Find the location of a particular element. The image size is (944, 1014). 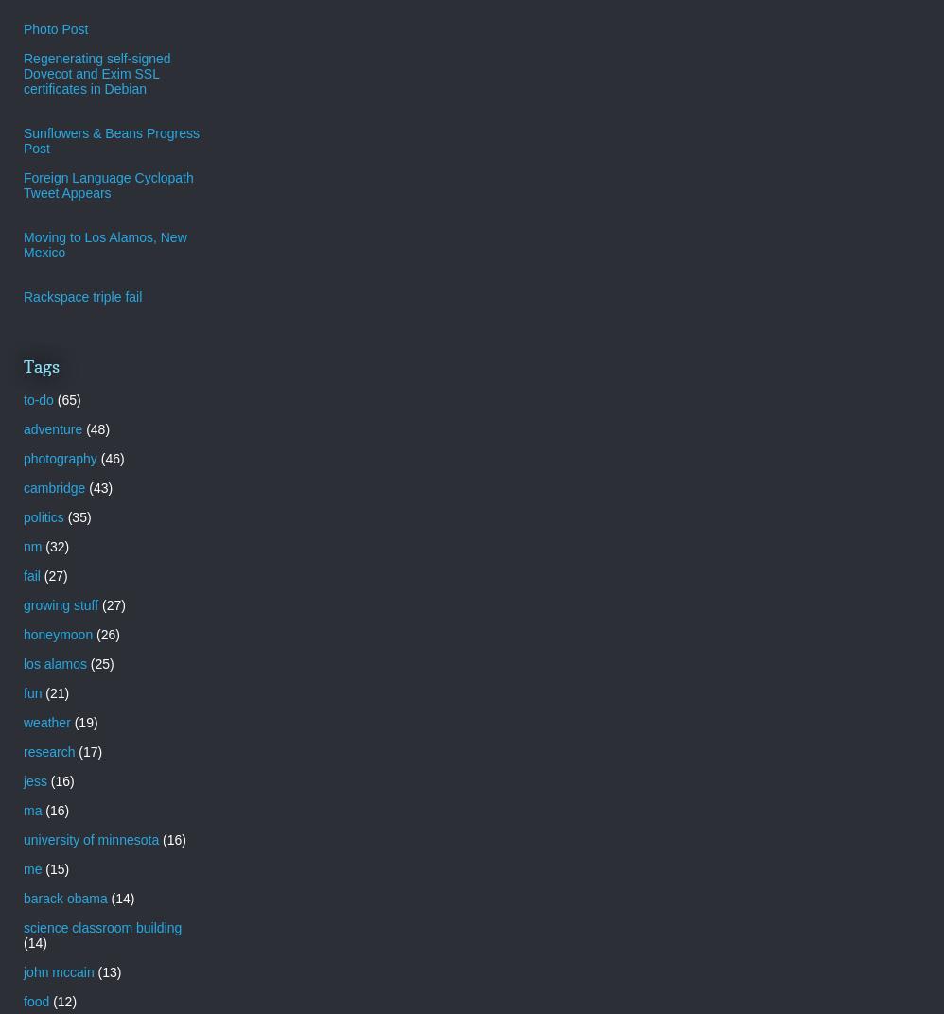

'to-do' is located at coordinates (38, 398).